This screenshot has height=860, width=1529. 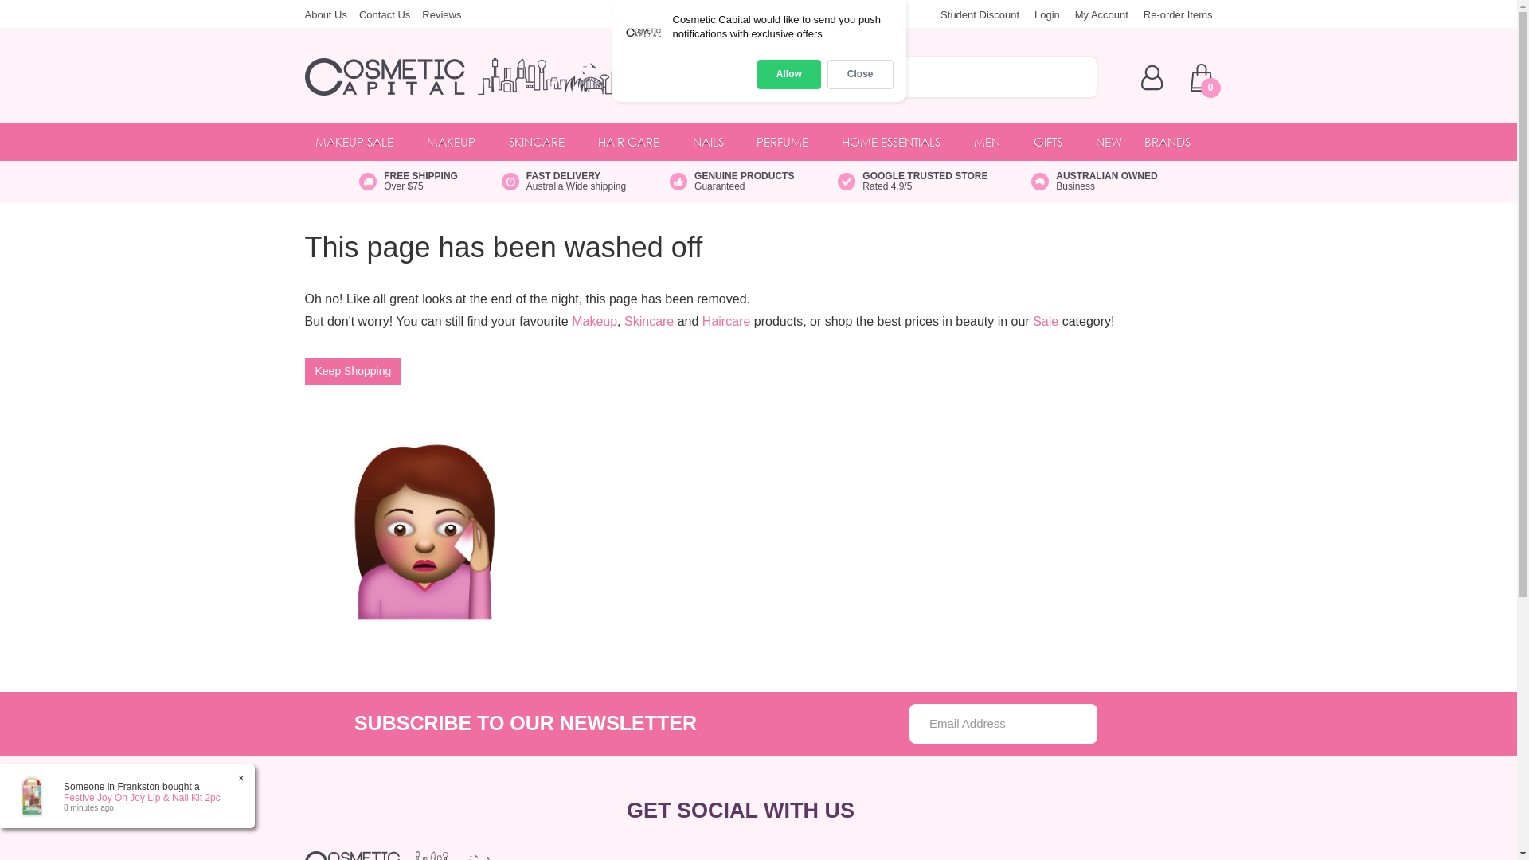 What do you see at coordinates (1074, 14) in the screenshot?
I see `'My Account'` at bounding box center [1074, 14].